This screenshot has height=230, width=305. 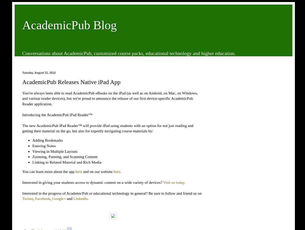 What do you see at coordinates (47, 140) in the screenshot?
I see `'Adding Bookmarks'` at bounding box center [47, 140].